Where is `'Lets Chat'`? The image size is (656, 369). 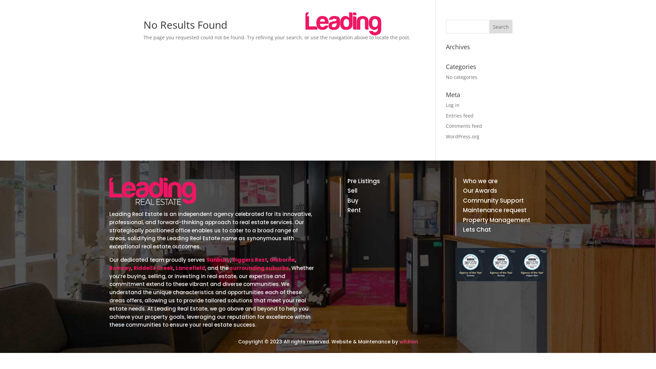
'Lets Chat' is located at coordinates (463, 231).